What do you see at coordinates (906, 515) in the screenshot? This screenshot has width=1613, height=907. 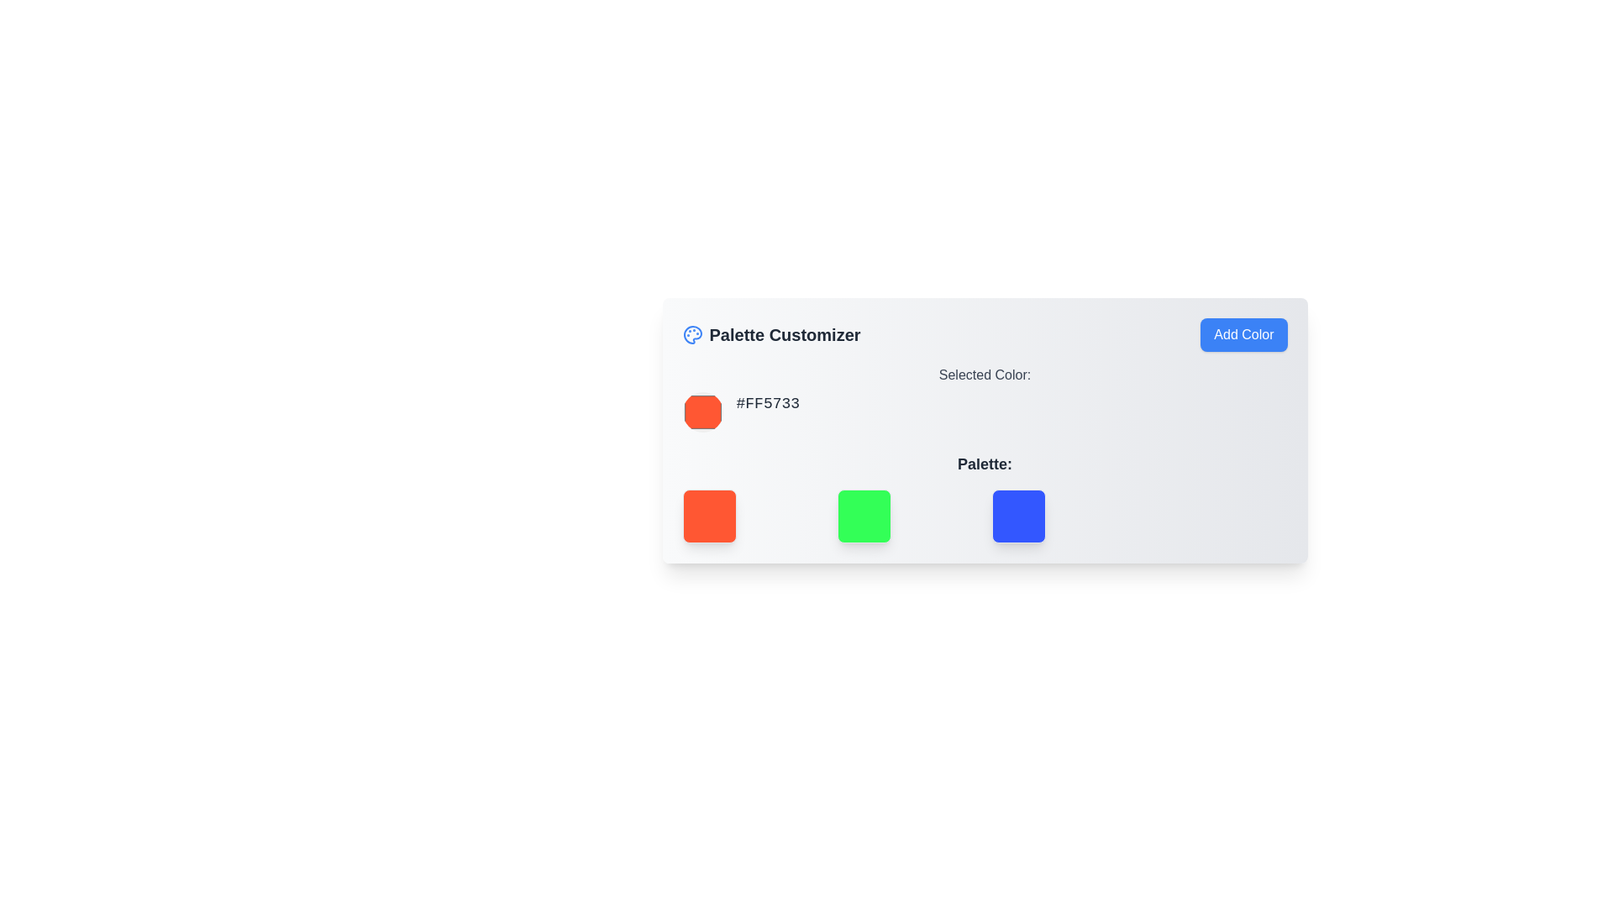 I see `the green color swatch, the second square from the left` at bounding box center [906, 515].